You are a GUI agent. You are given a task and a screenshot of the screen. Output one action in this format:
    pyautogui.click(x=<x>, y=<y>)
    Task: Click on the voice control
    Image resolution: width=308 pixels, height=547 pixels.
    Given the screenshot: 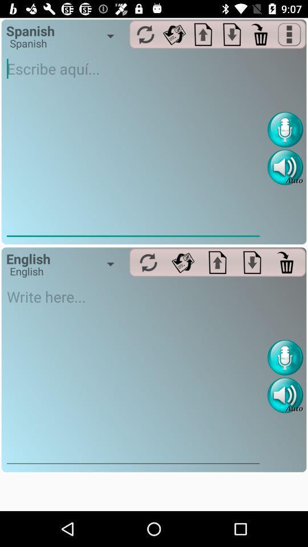 What is the action you would take?
    pyautogui.click(x=285, y=129)
    